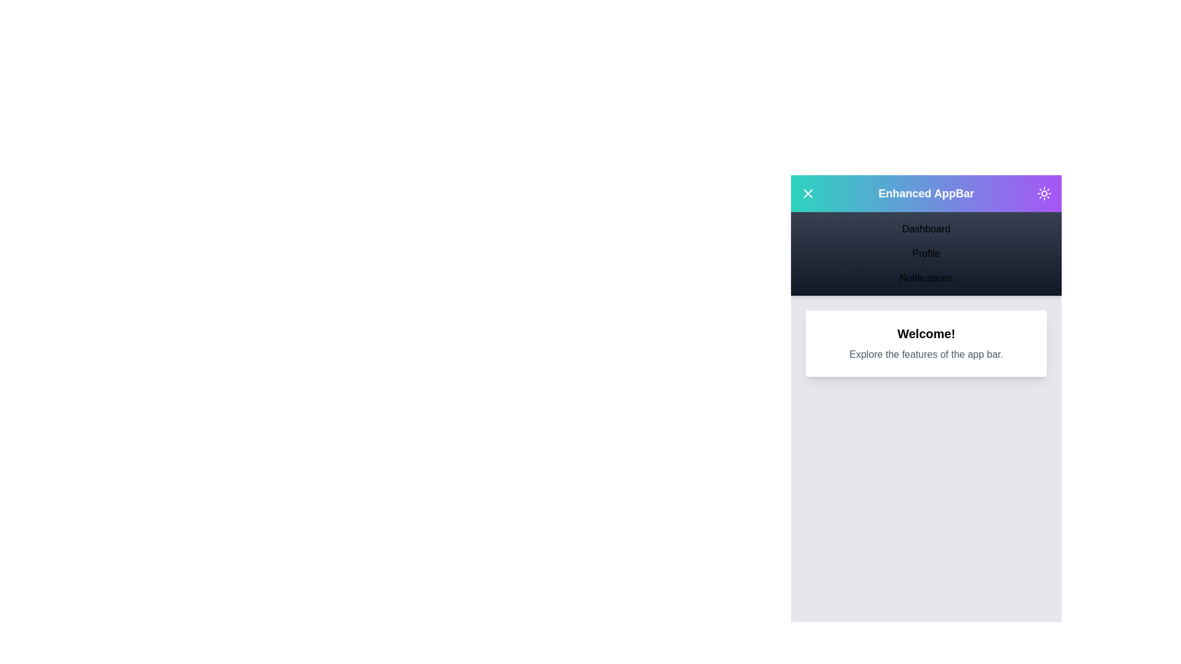  I want to click on the menu item Dashboard to navigate to the corresponding section, so click(926, 229).